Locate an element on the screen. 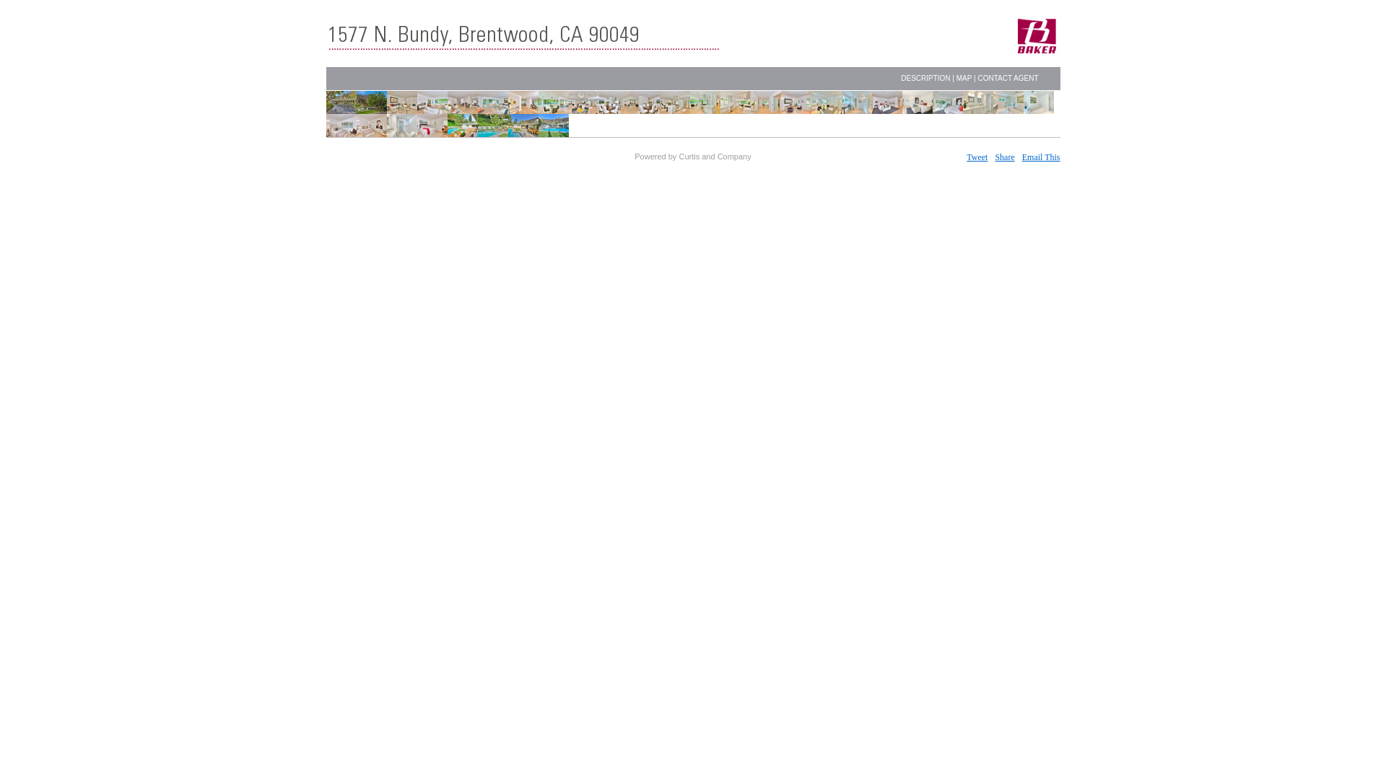 Image resolution: width=1386 pixels, height=779 pixels. 'Curtis and Company' is located at coordinates (714, 156).